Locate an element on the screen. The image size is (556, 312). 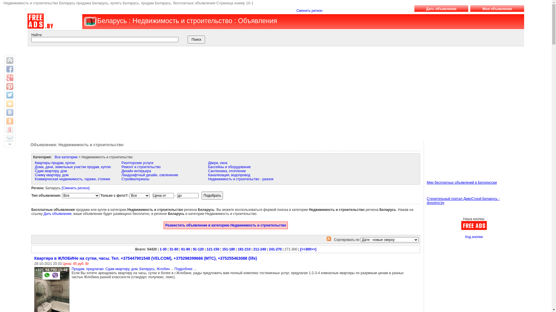
'Email this to a friend' is located at coordinates (10, 138).